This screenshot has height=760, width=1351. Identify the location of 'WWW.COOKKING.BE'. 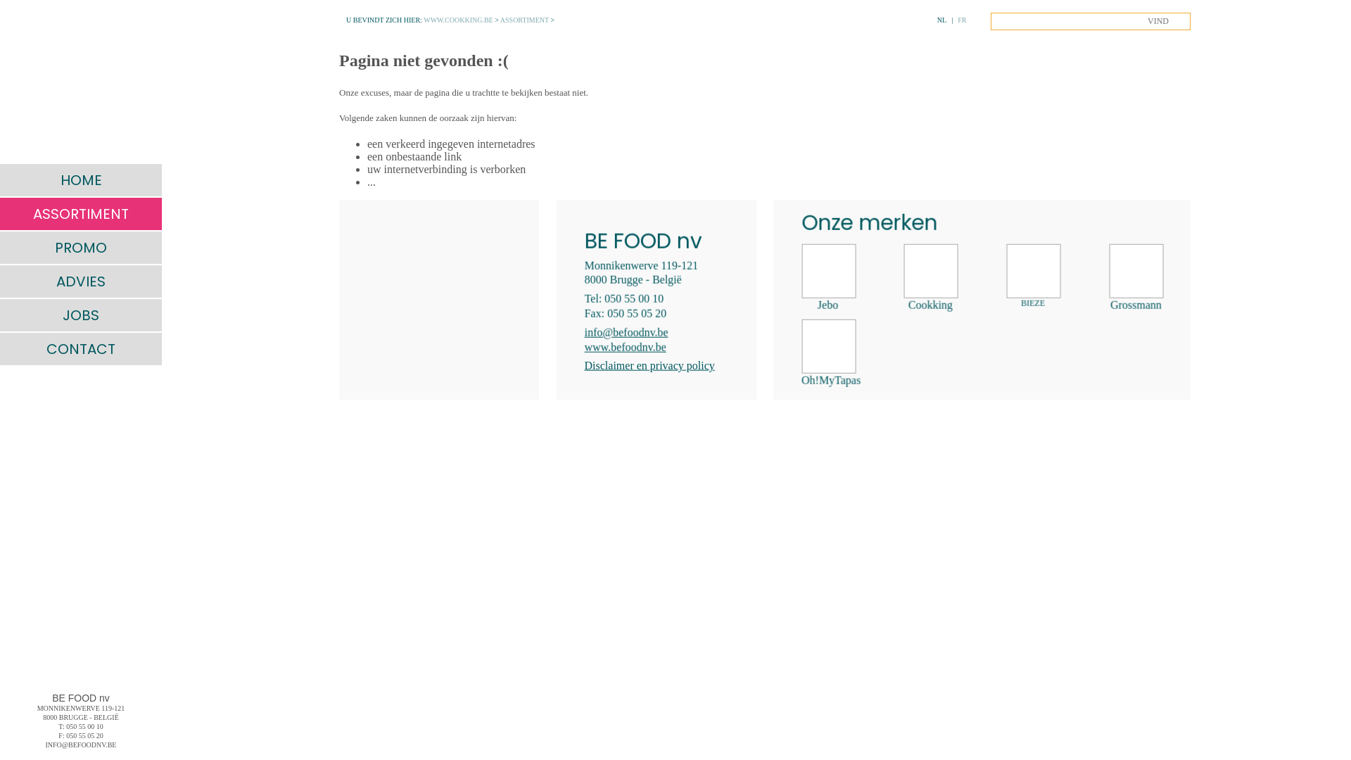
(458, 20).